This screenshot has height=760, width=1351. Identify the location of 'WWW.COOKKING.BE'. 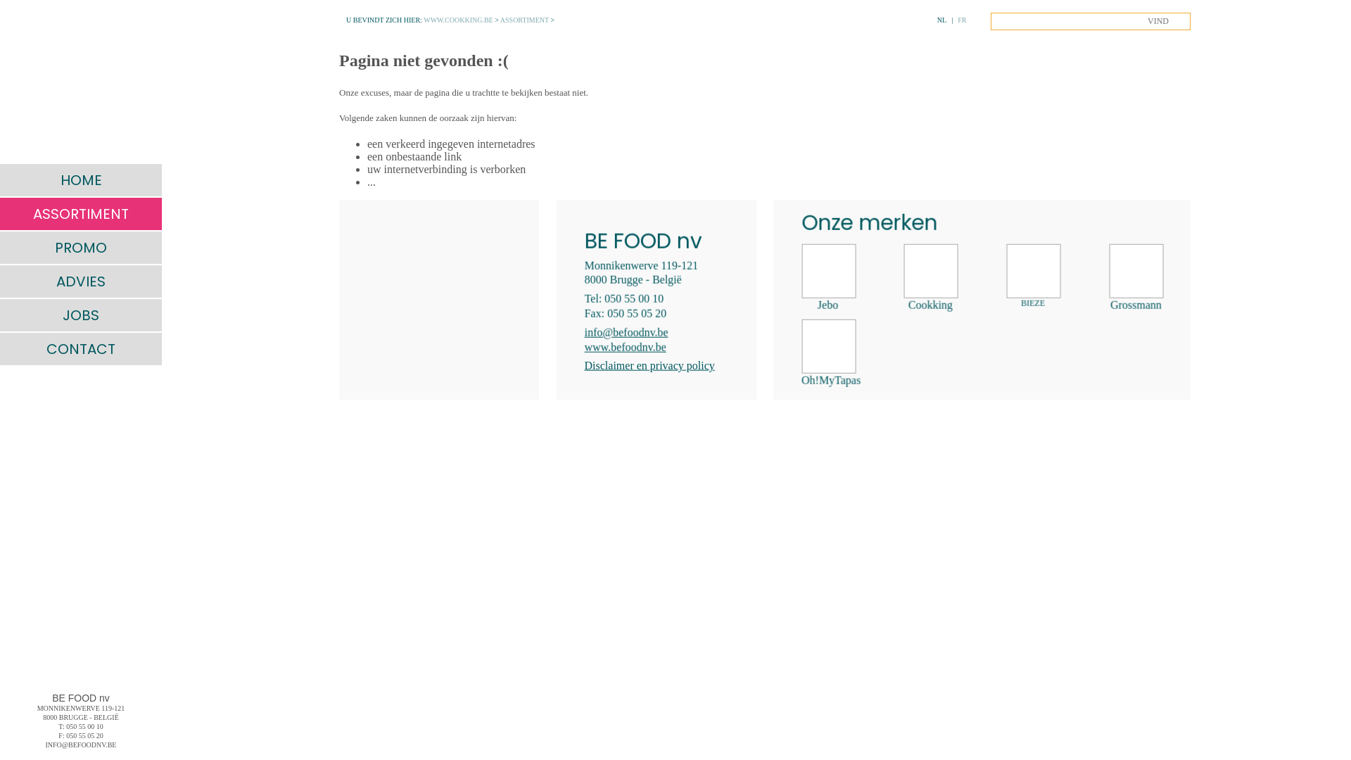
(458, 20).